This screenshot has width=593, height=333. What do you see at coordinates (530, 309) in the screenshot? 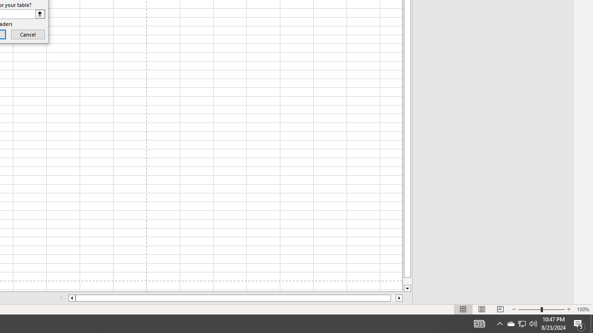
I see `'Zoom Out'` at bounding box center [530, 309].